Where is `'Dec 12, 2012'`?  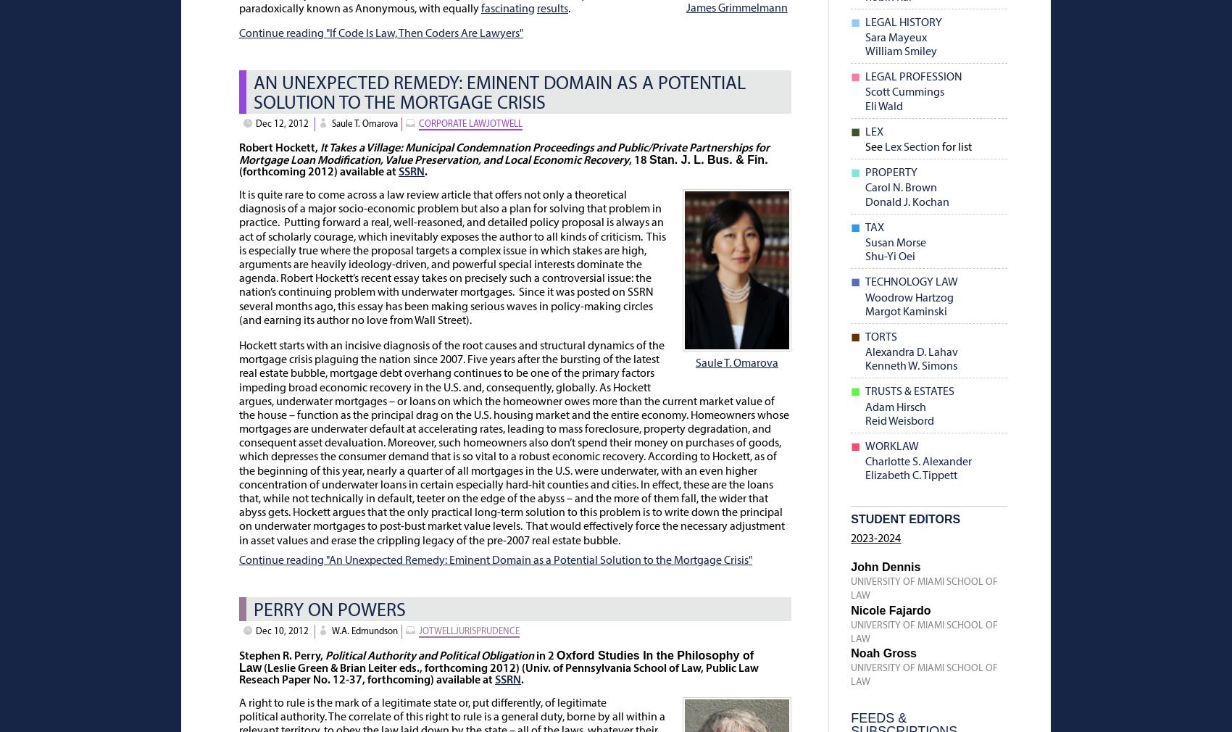 'Dec 12, 2012' is located at coordinates (281, 122).